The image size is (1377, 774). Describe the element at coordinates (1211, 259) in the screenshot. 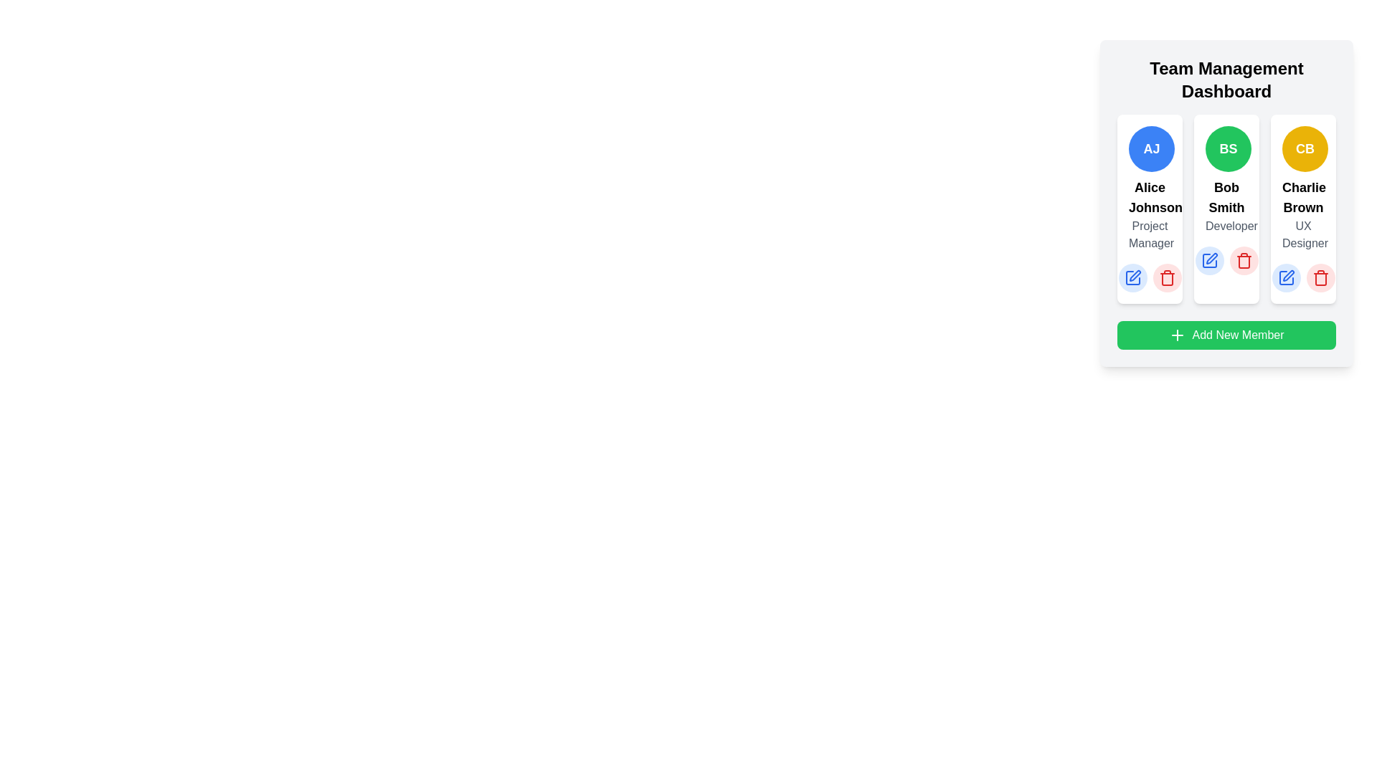

I see `the blue pen icon indicating edit functionality located in the second card of the 'Team Management Dashboard' under the profile for 'Bob Smith'` at that location.